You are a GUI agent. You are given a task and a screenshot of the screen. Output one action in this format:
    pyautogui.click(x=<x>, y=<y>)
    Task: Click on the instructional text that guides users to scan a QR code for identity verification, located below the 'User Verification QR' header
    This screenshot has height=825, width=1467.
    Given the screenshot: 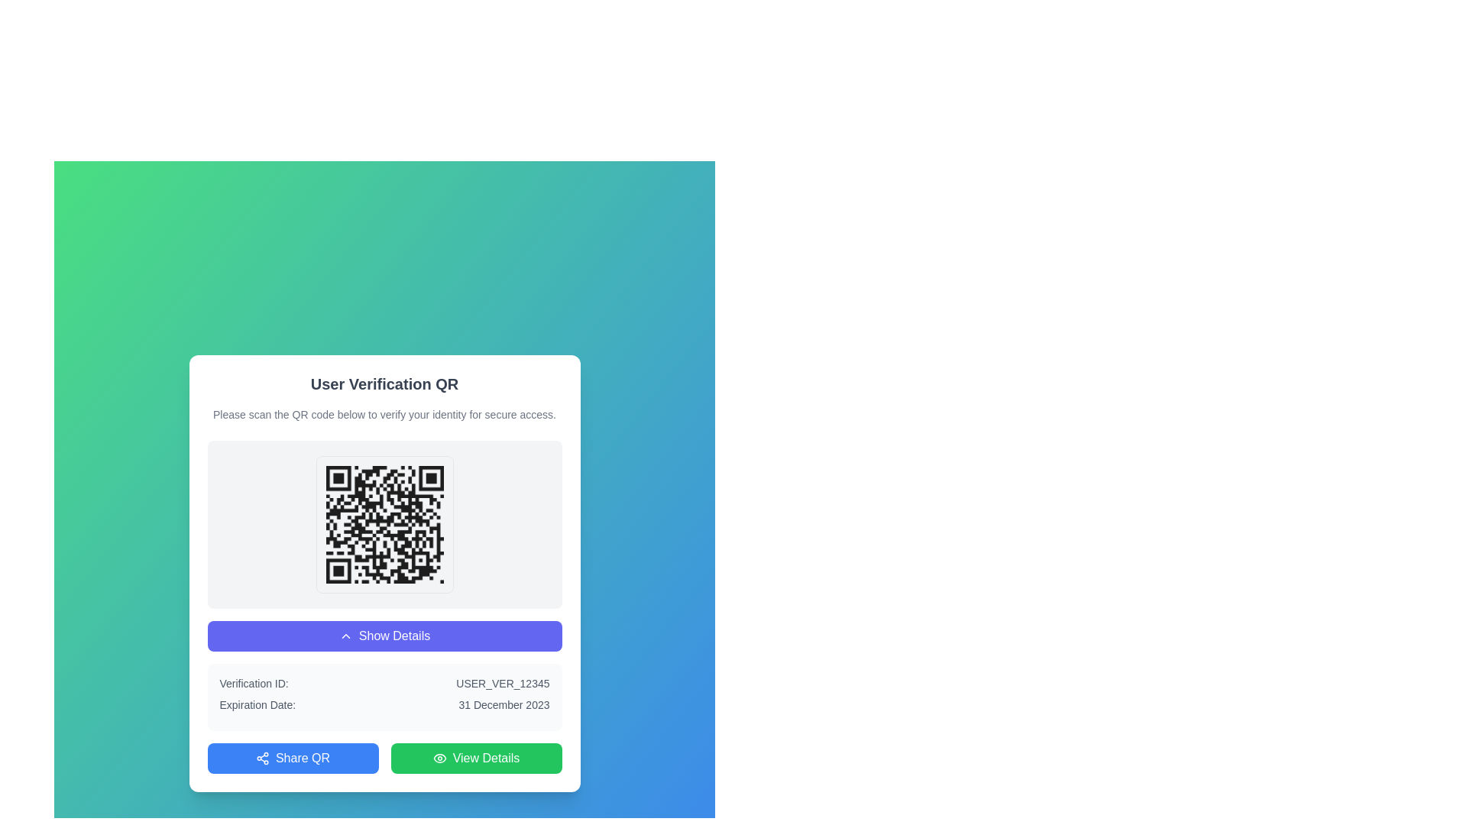 What is the action you would take?
    pyautogui.click(x=384, y=415)
    